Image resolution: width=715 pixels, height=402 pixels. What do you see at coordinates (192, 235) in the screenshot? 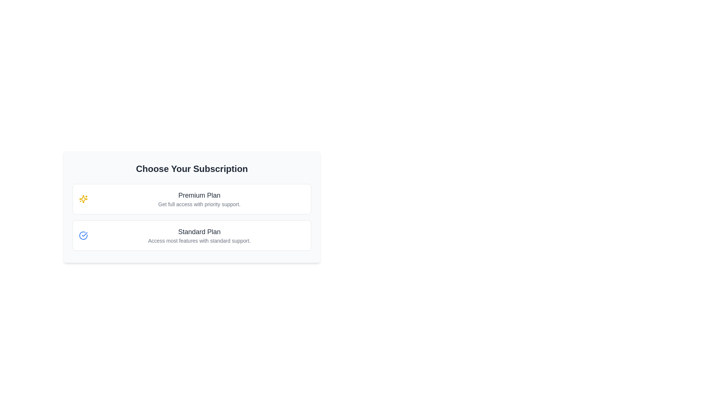
I see `the selectable card for the Standard subscription plan, which is positioned directly below the Premium Plan card in the subscription selection interface` at bounding box center [192, 235].